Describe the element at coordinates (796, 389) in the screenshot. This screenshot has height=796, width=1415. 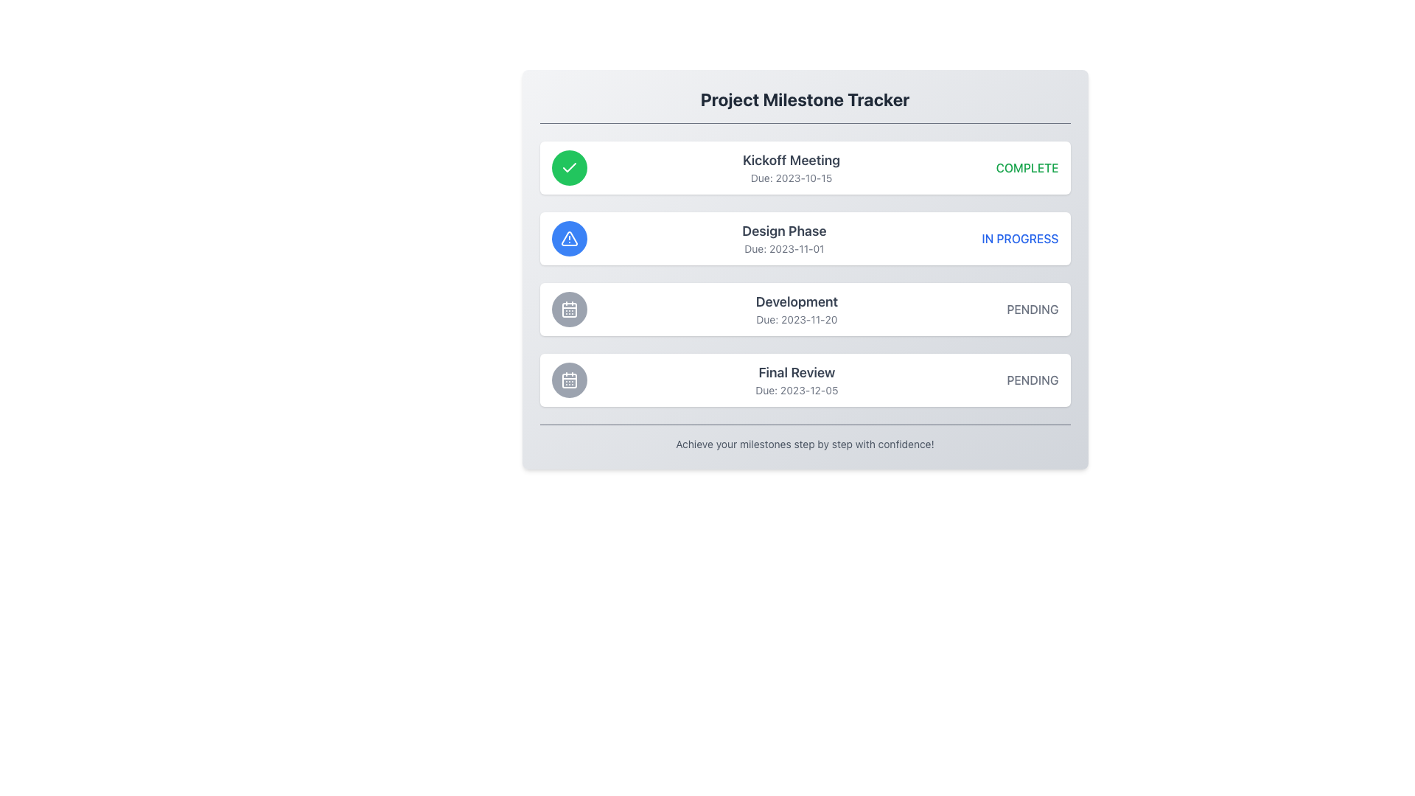
I see `the small text component displaying 'Due: 2023-12-05' located beneath the 'Final Review' label in the fourth progress card of the 'Project Milestone Tracker' interface` at that location.